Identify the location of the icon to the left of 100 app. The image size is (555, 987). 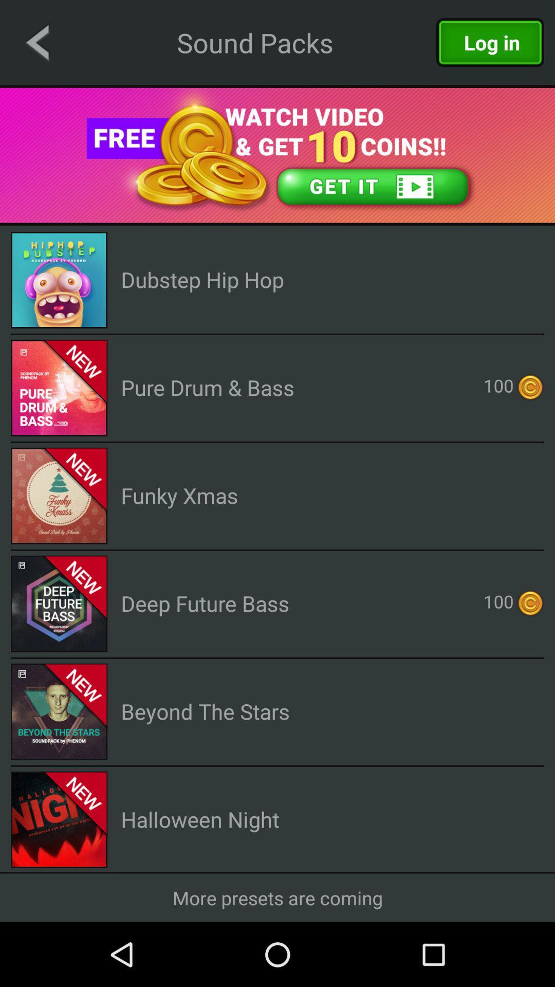
(208, 387).